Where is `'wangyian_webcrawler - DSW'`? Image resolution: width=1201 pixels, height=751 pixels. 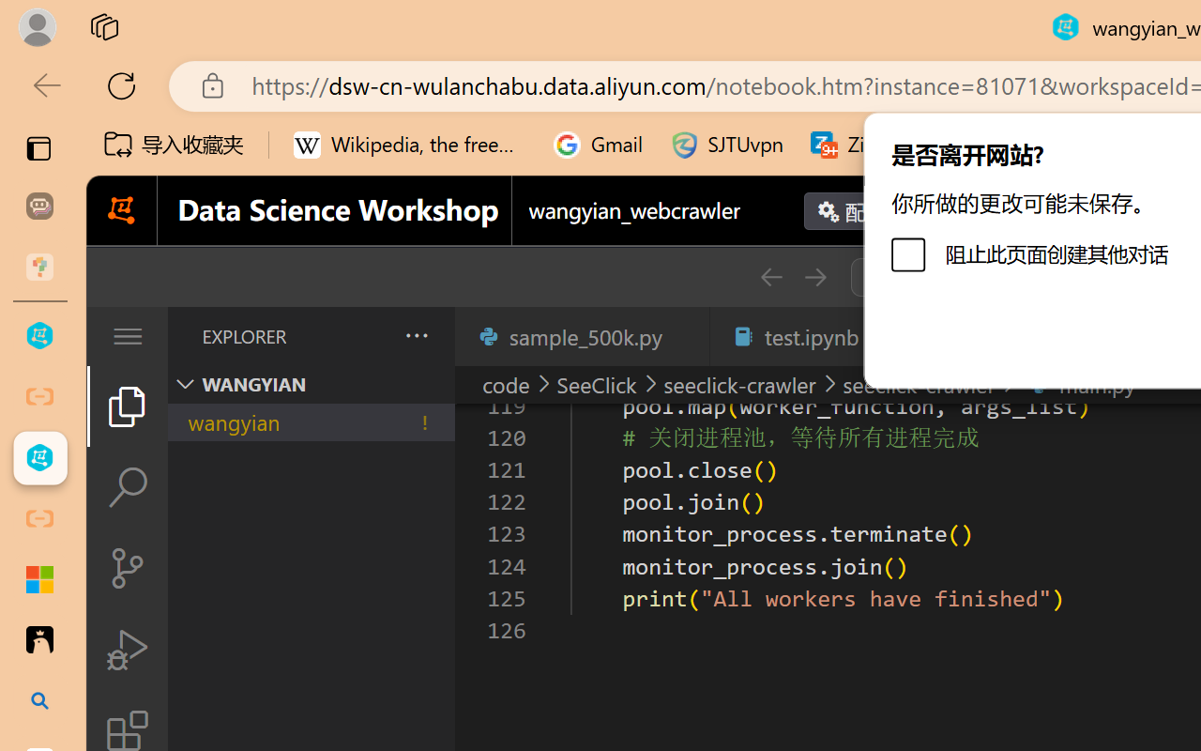
'wangyian_webcrawler - DSW' is located at coordinates (39, 458).